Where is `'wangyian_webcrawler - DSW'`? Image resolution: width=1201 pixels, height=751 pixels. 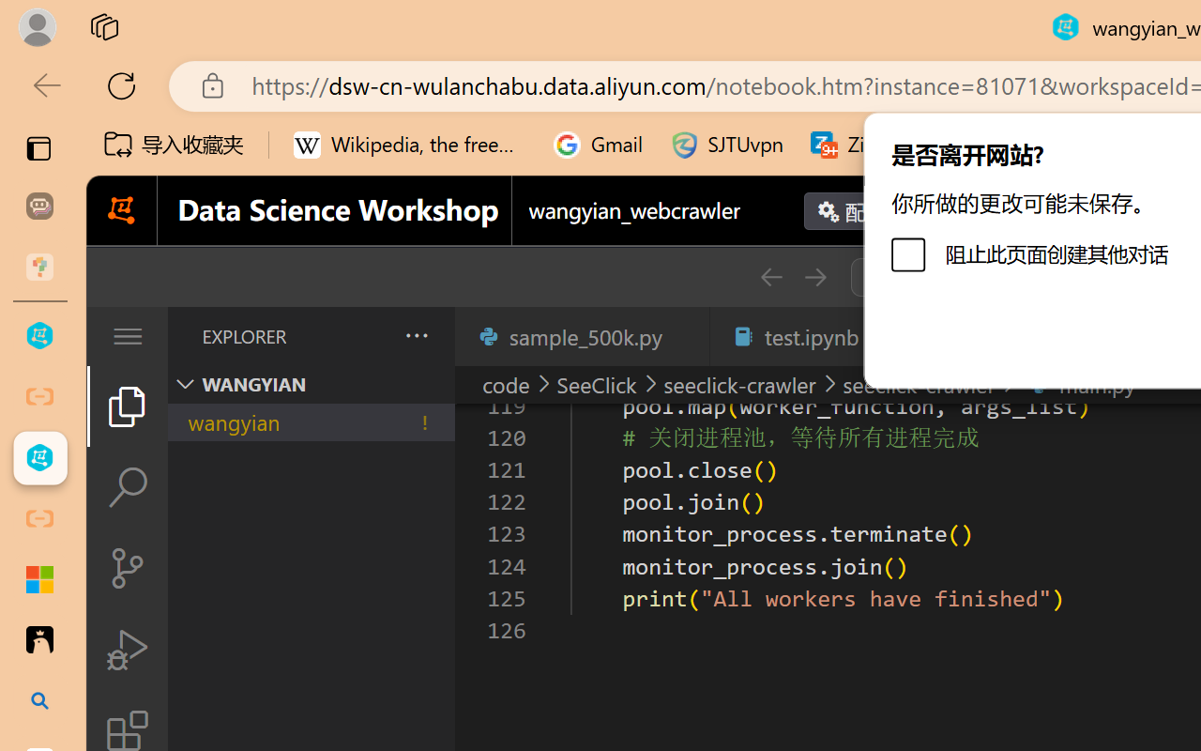
'wangyian_webcrawler - DSW' is located at coordinates (39, 458).